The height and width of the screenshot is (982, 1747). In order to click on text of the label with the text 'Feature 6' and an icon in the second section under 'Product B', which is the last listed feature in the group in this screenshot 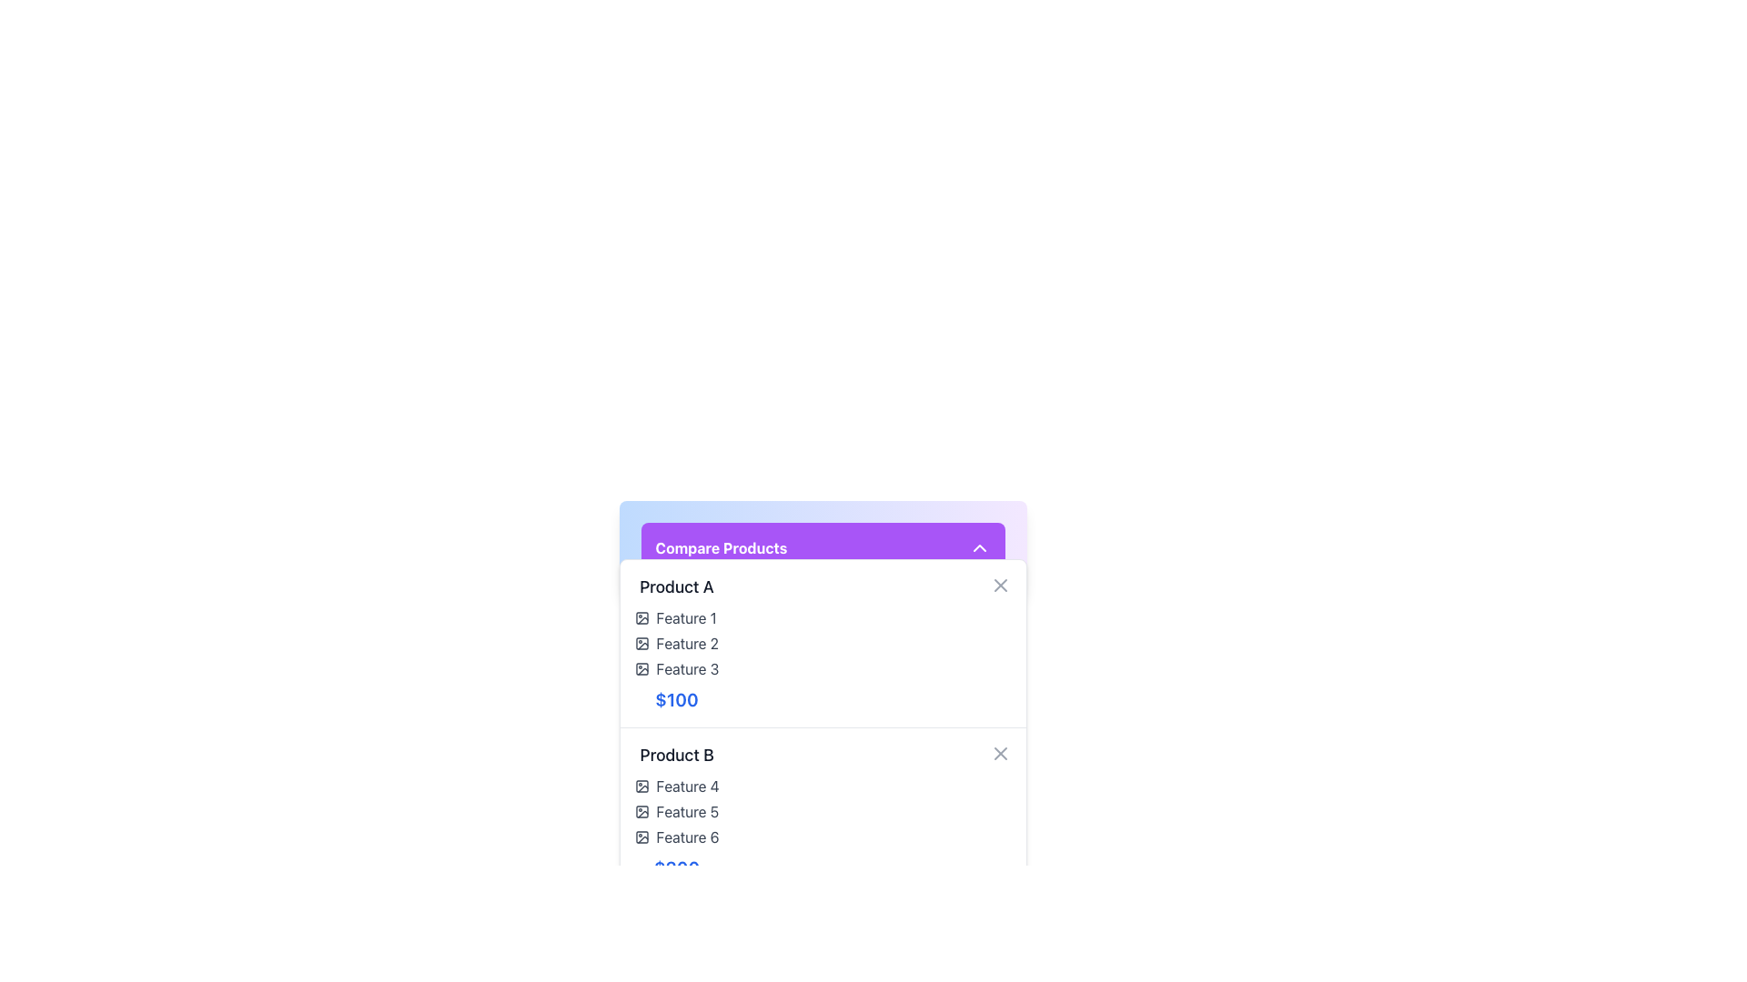, I will do `click(676, 837)`.